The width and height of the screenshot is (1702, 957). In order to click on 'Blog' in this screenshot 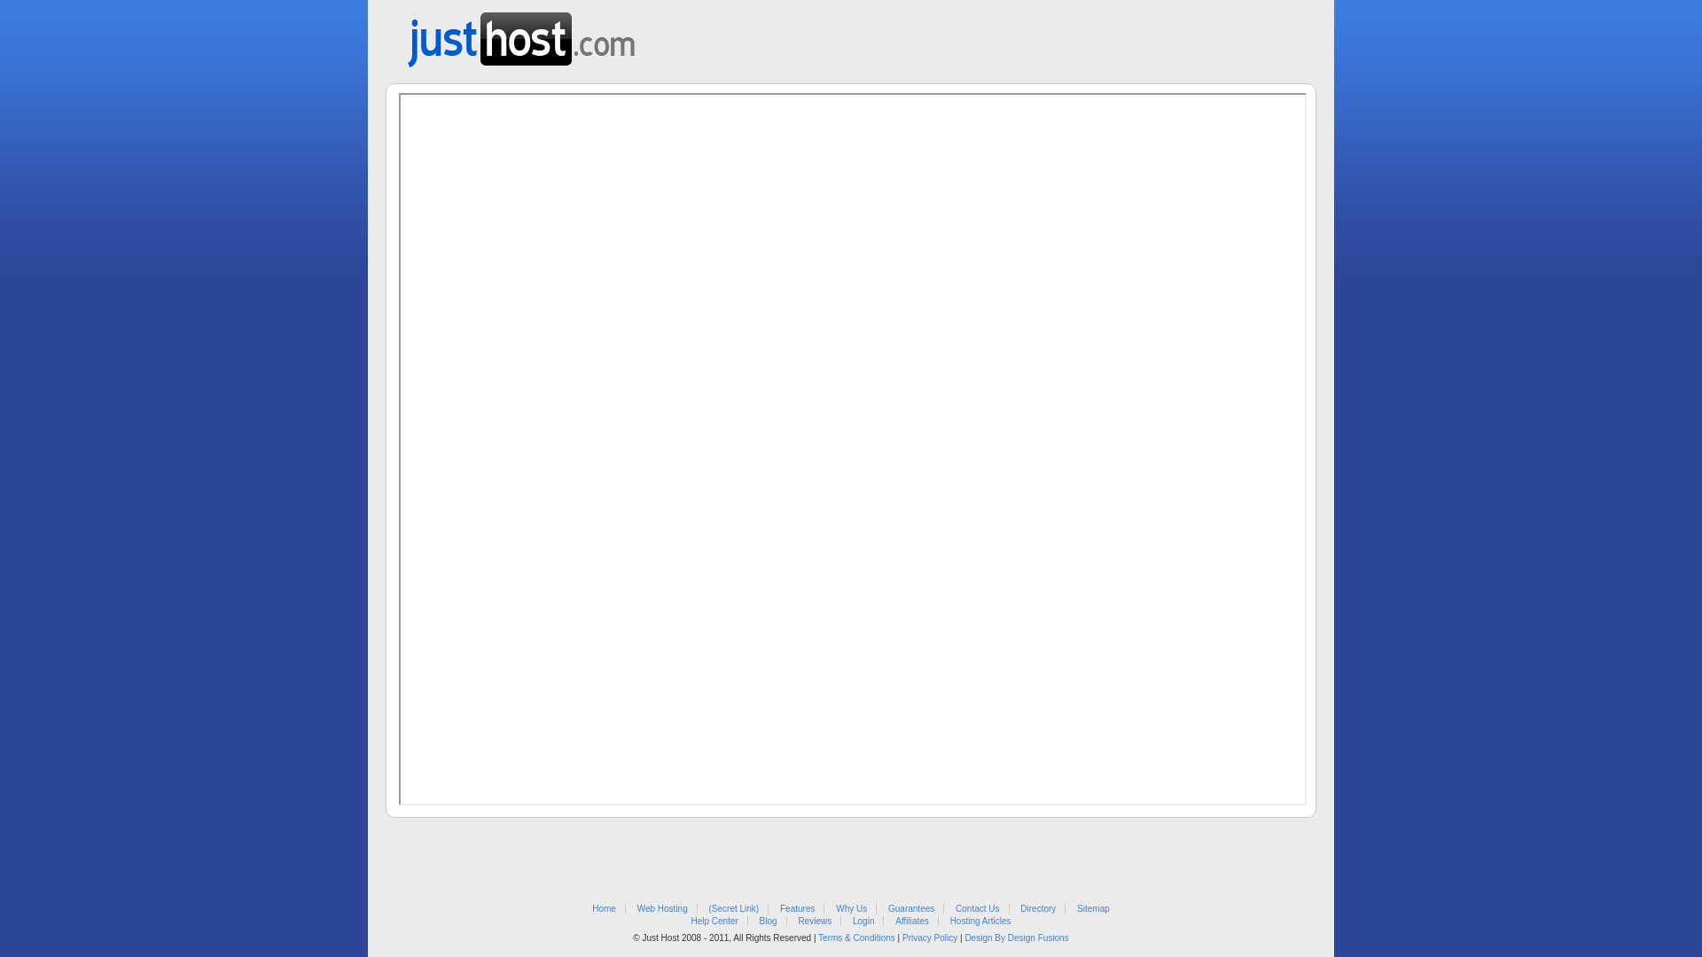, I will do `click(769, 920)`.